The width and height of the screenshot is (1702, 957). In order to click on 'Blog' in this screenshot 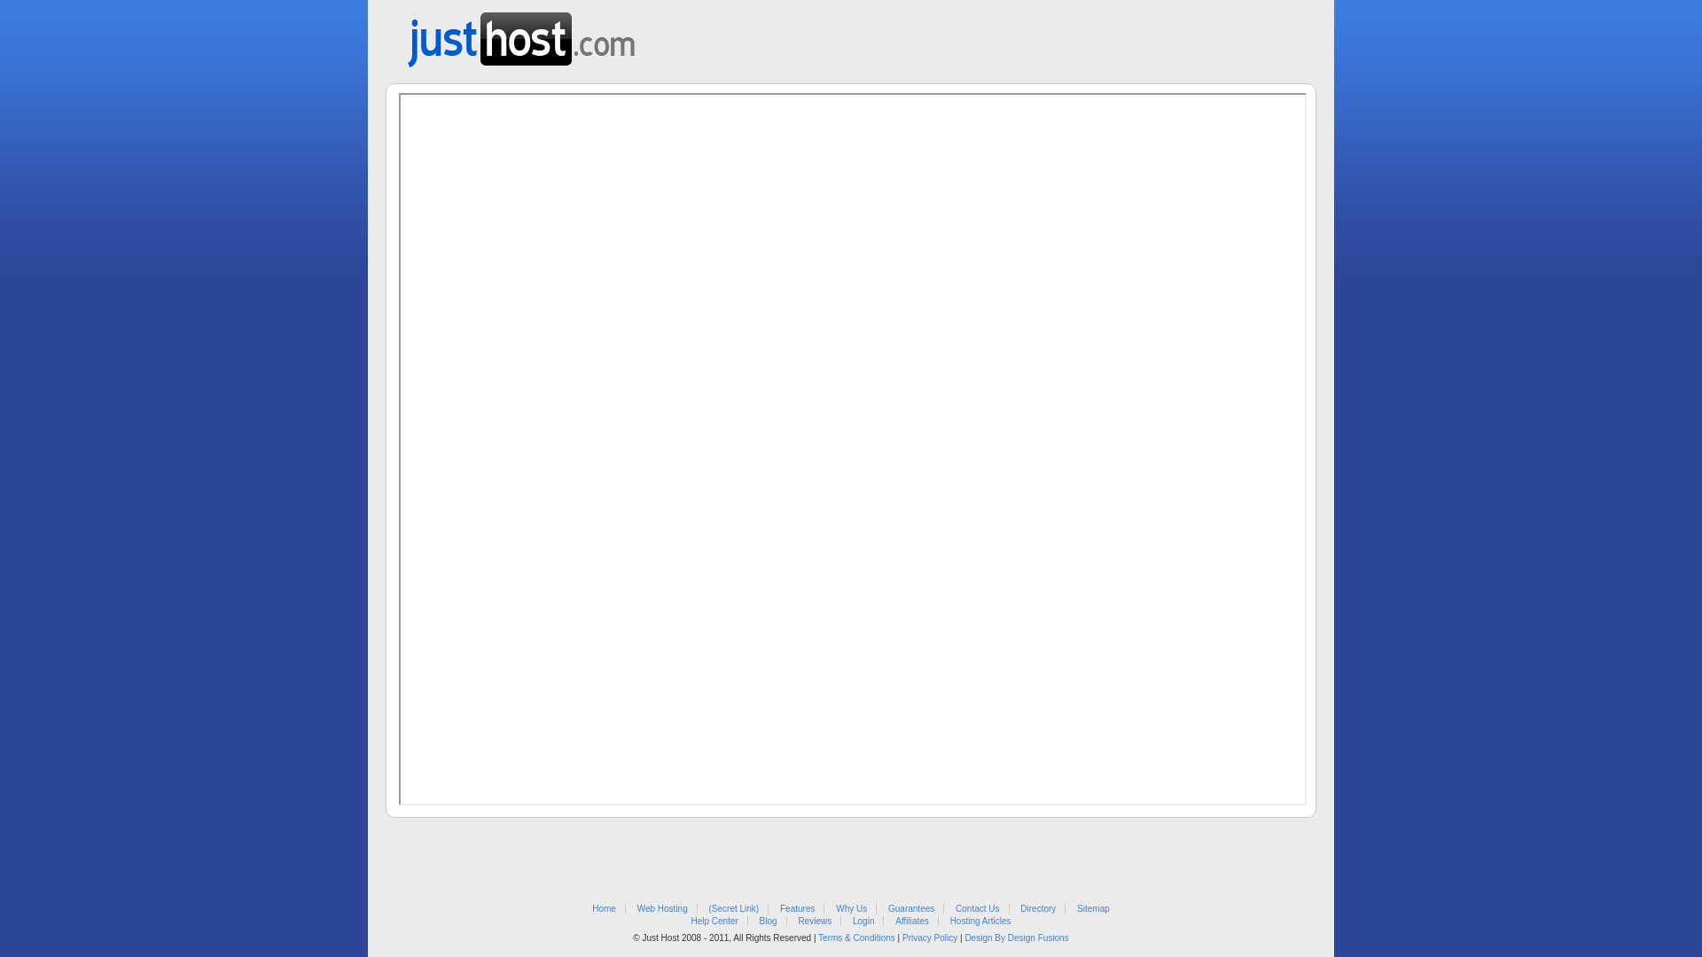, I will do `click(769, 920)`.